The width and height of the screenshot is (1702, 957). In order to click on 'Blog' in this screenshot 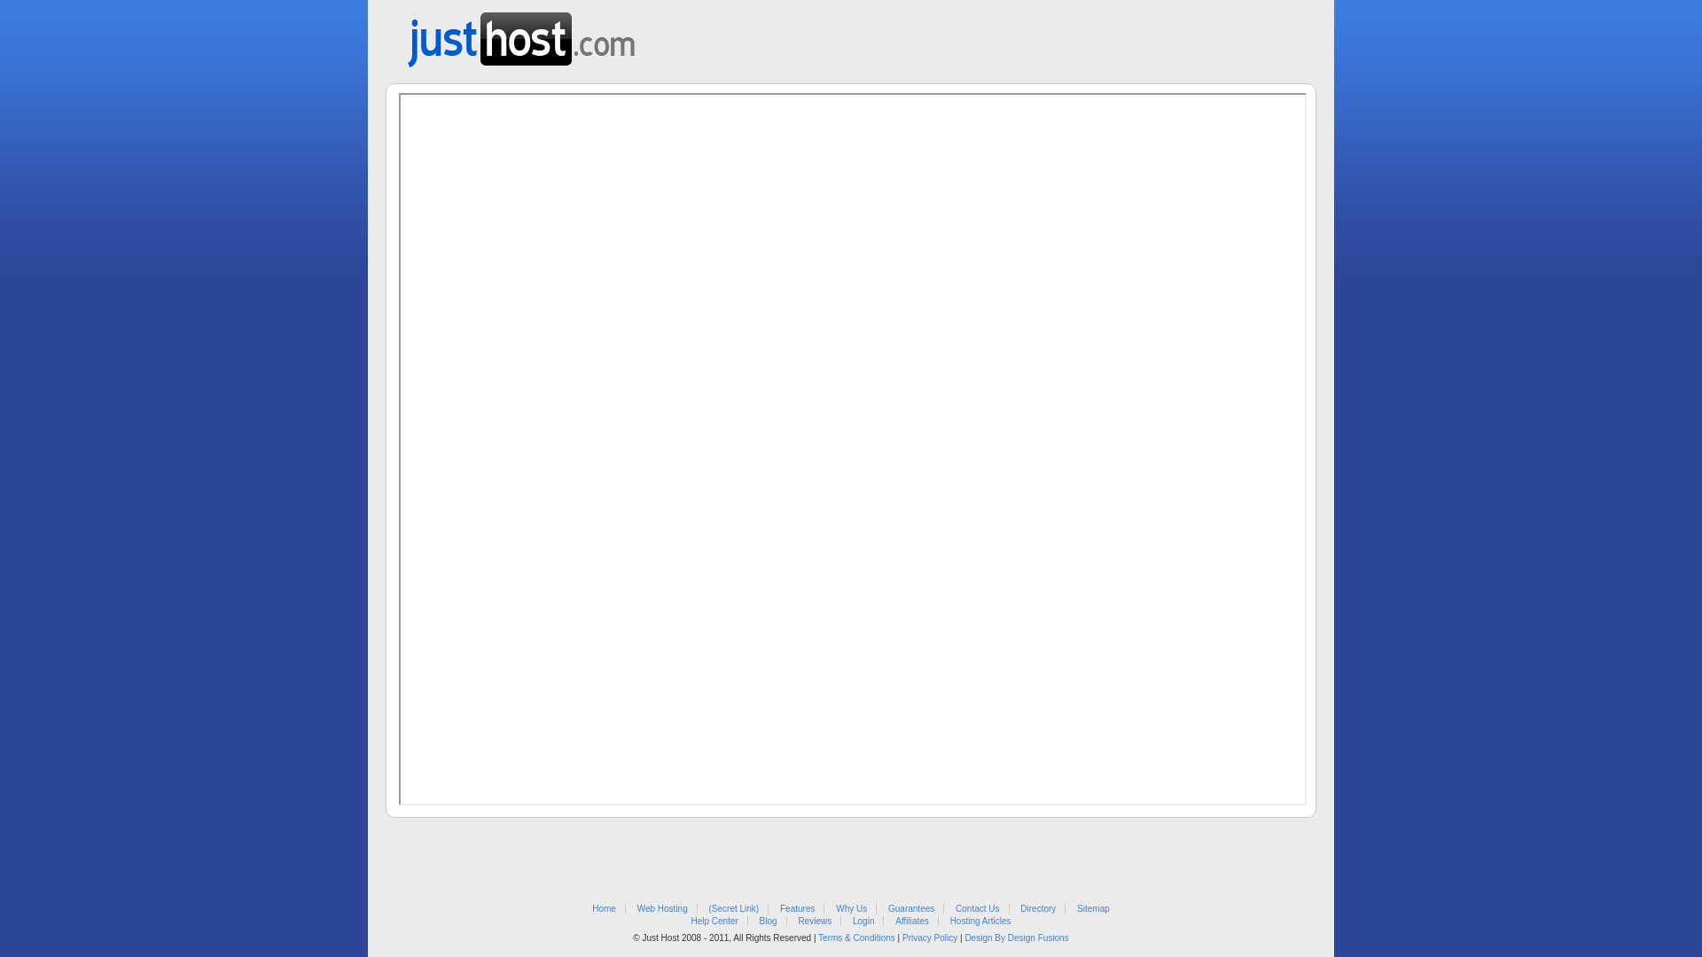, I will do `click(769, 920)`.